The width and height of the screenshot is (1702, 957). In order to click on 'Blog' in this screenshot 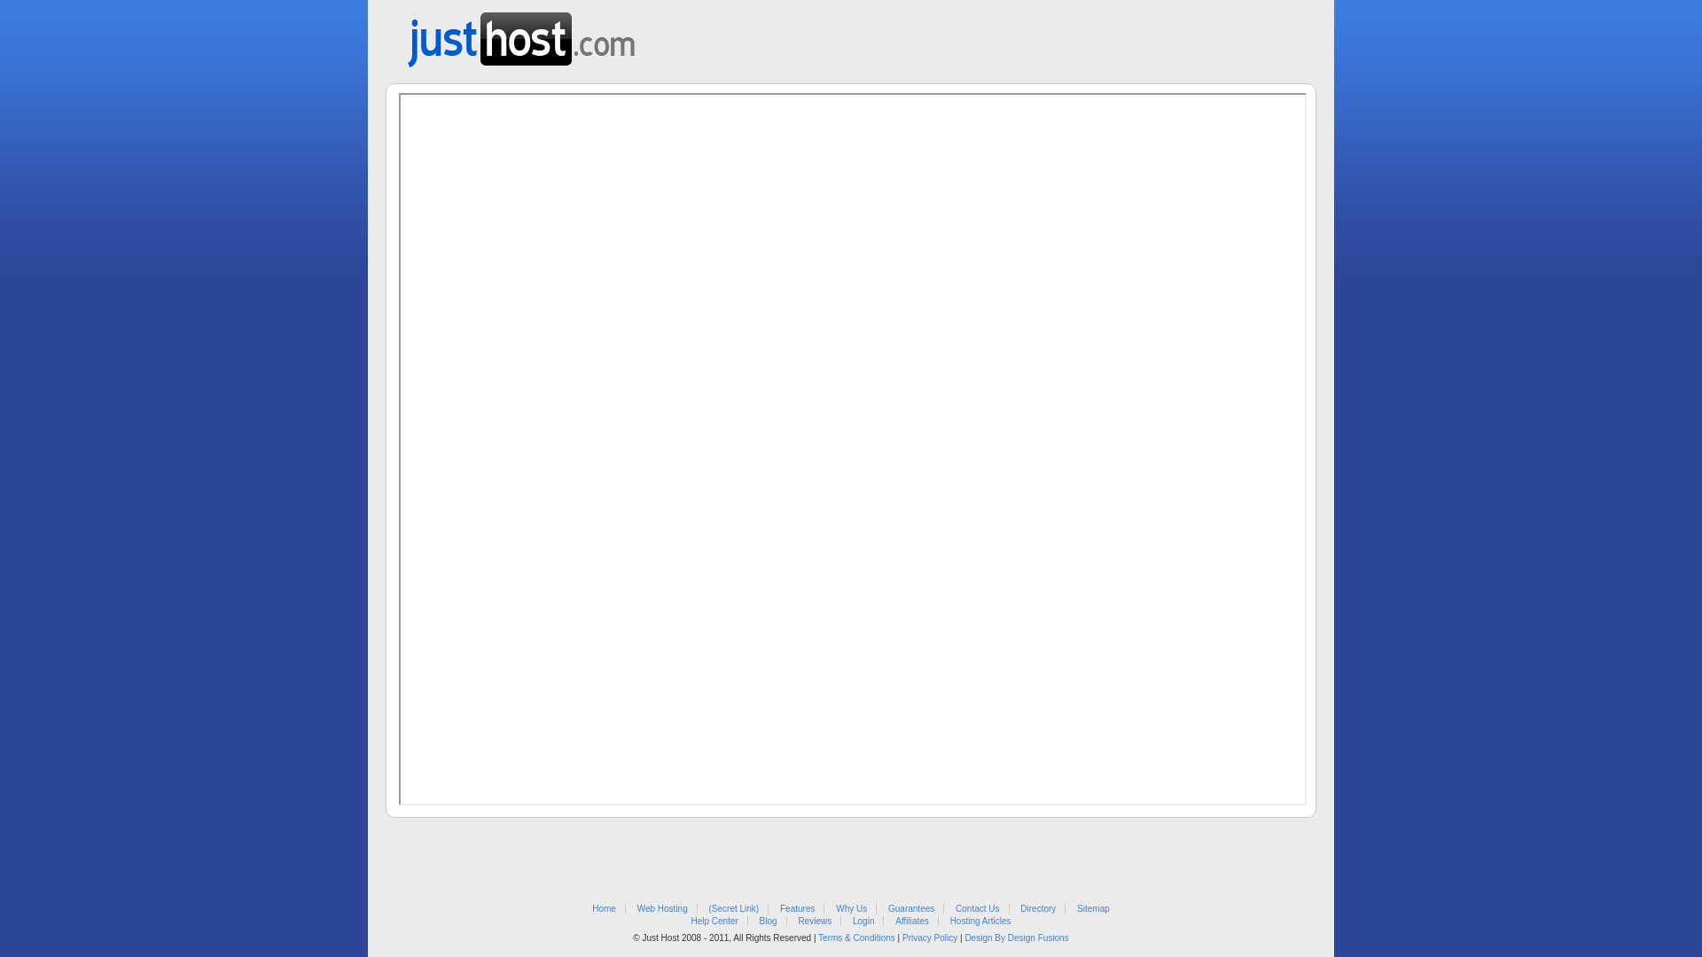, I will do `click(769, 920)`.